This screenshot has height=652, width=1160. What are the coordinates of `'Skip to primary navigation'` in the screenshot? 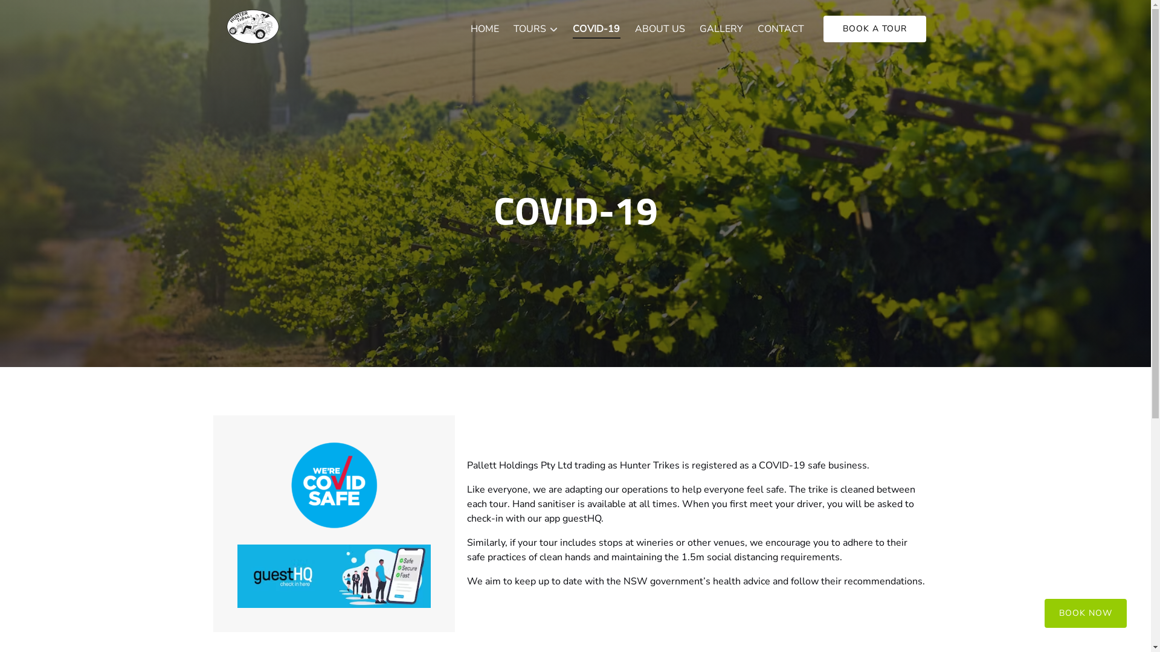 It's located at (62, 13).